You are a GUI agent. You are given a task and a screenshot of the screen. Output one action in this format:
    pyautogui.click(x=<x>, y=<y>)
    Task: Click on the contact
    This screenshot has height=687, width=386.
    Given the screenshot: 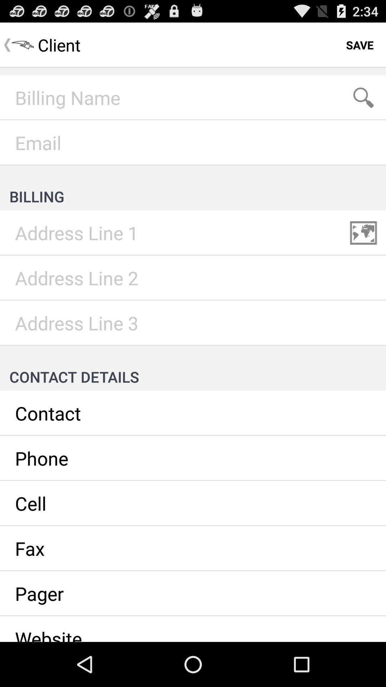 What is the action you would take?
    pyautogui.click(x=193, y=413)
    